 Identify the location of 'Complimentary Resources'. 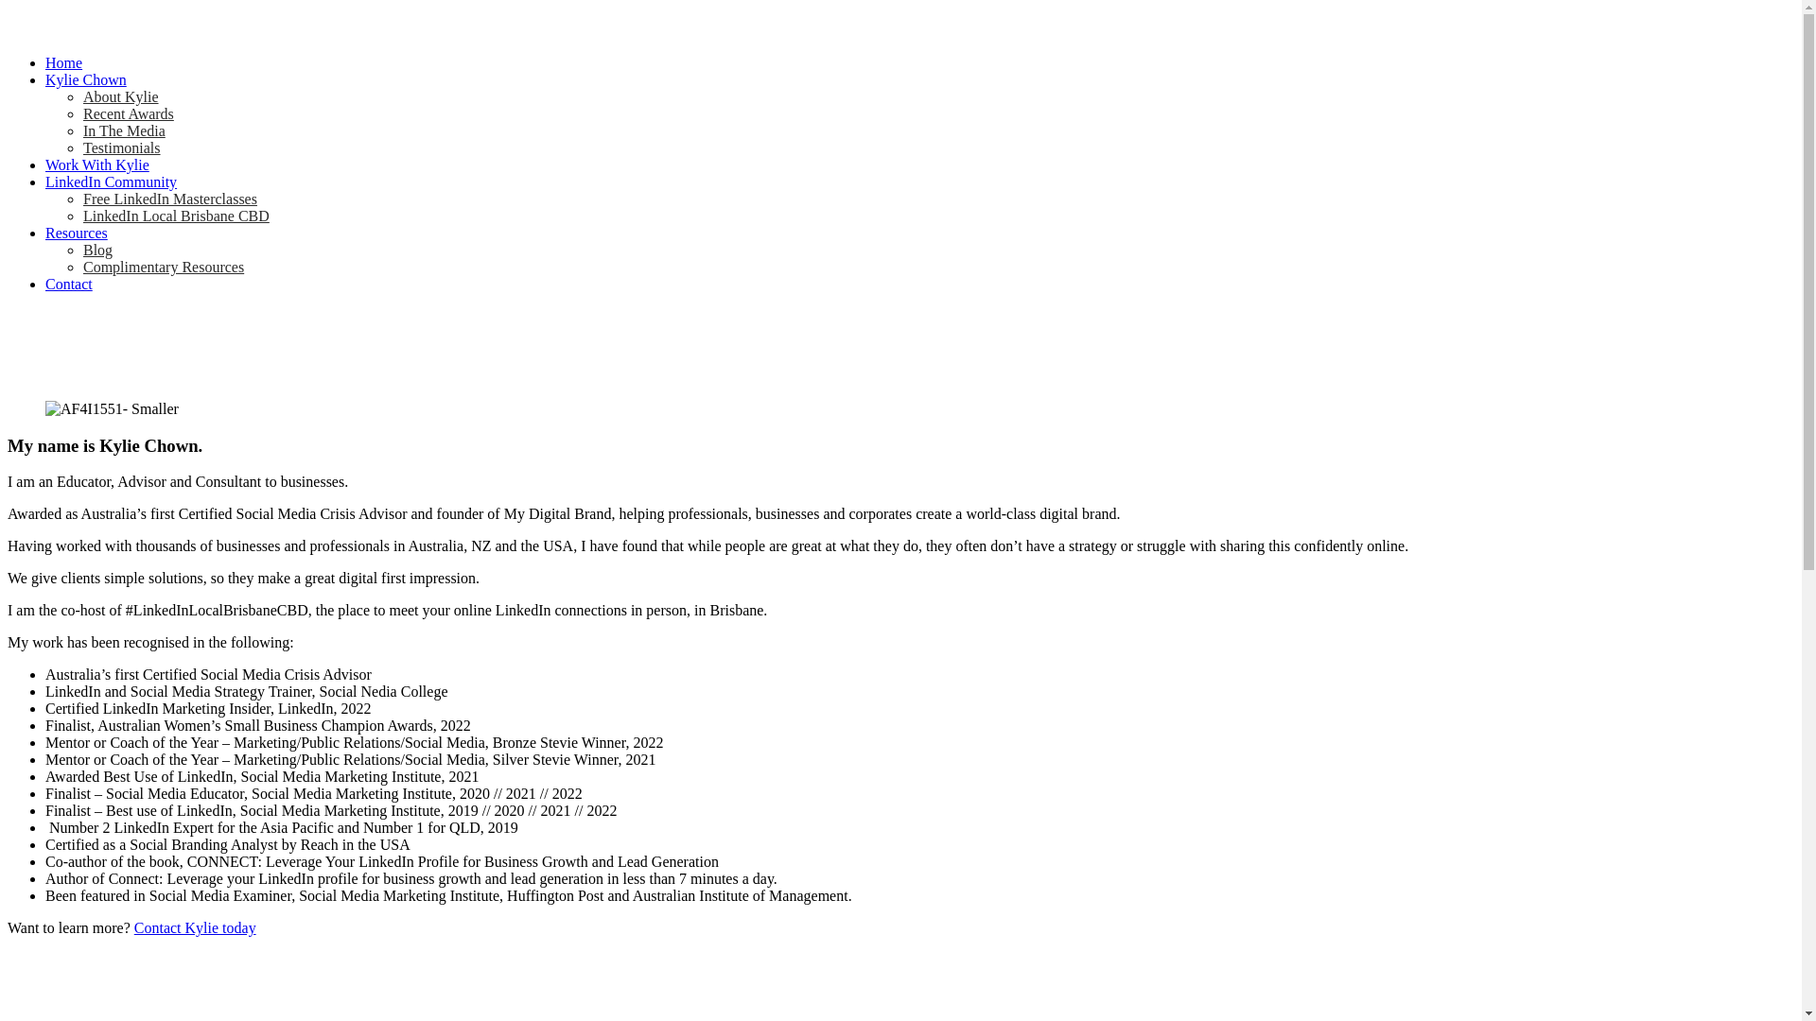
(163, 267).